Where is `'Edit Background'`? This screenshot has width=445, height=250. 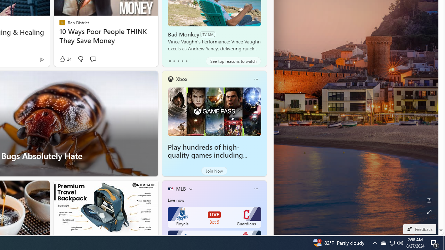
'Edit Background' is located at coordinates (428, 200).